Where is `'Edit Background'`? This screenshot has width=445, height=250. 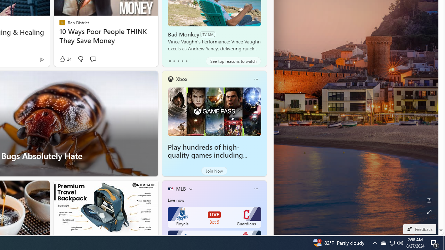
'Edit Background' is located at coordinates (428, 200).